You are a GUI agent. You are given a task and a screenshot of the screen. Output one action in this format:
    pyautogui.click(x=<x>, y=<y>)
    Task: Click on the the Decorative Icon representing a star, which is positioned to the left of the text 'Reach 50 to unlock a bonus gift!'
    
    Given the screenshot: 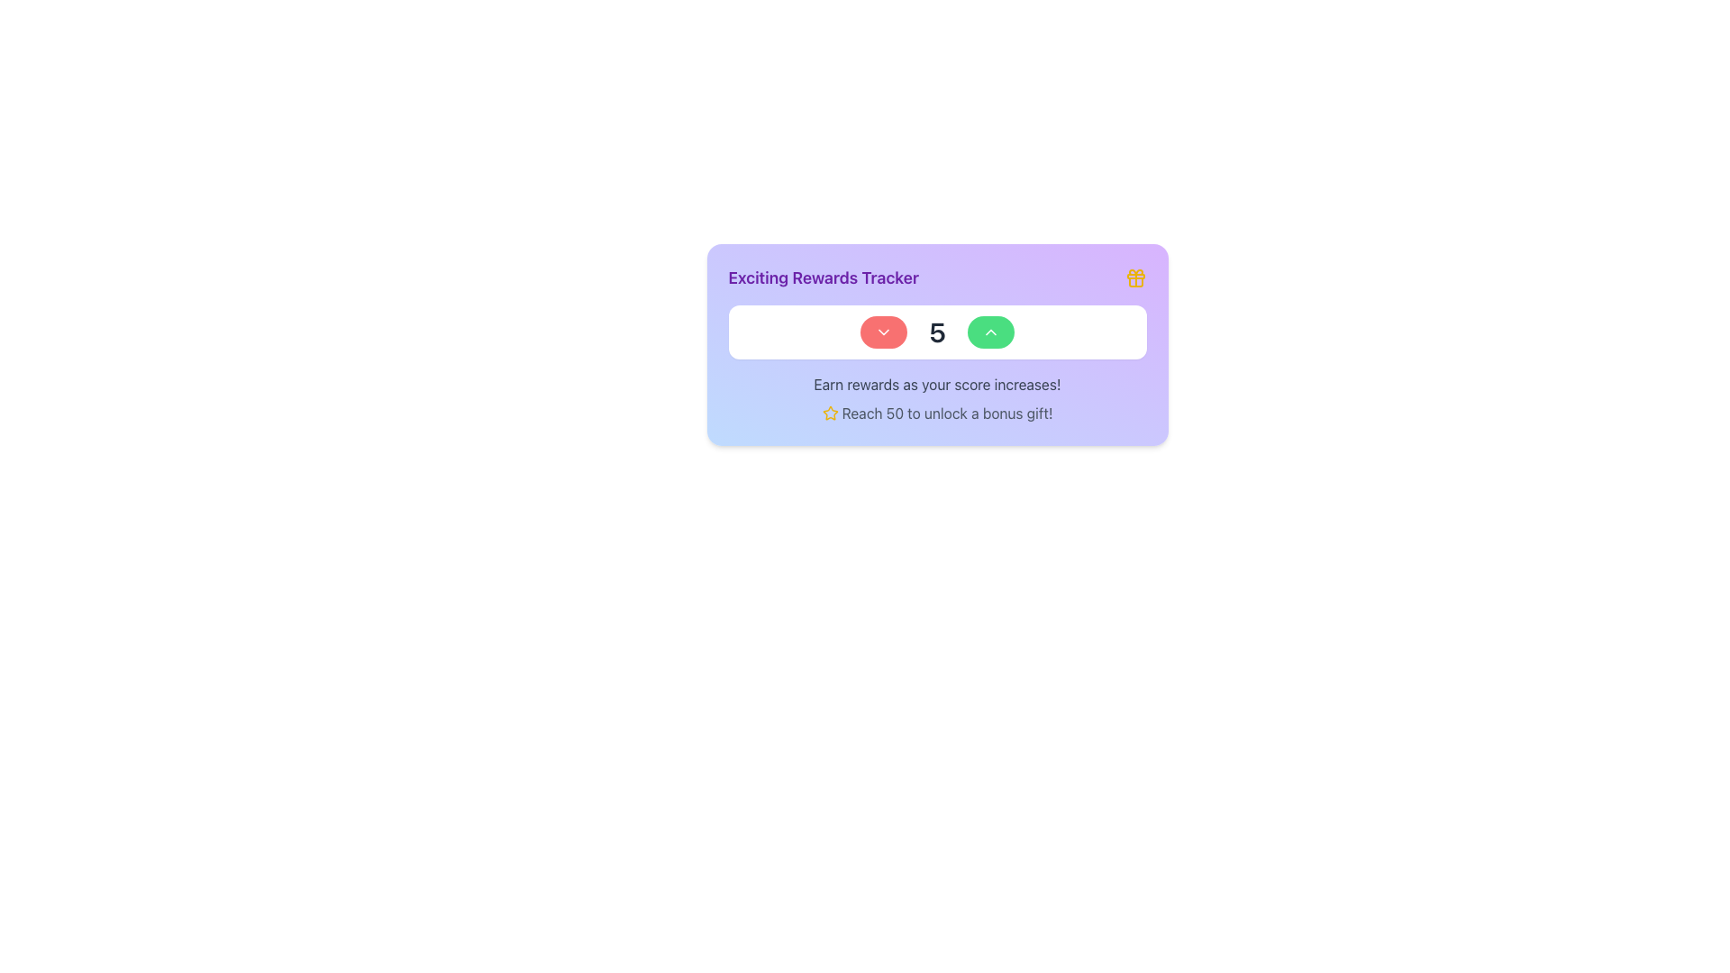 What is the action you would take?
    pyautogui.click(x=829, y=414)
    